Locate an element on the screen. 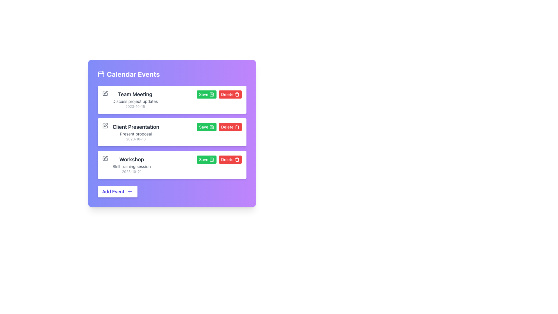 This screenshot has height=314, width=558. the static text element displaying the date '2023-10-15', which is styled in light gray and located below the title 'Team Meeting' and description 'Discuss project updates' is located at coordinates (135, 106).